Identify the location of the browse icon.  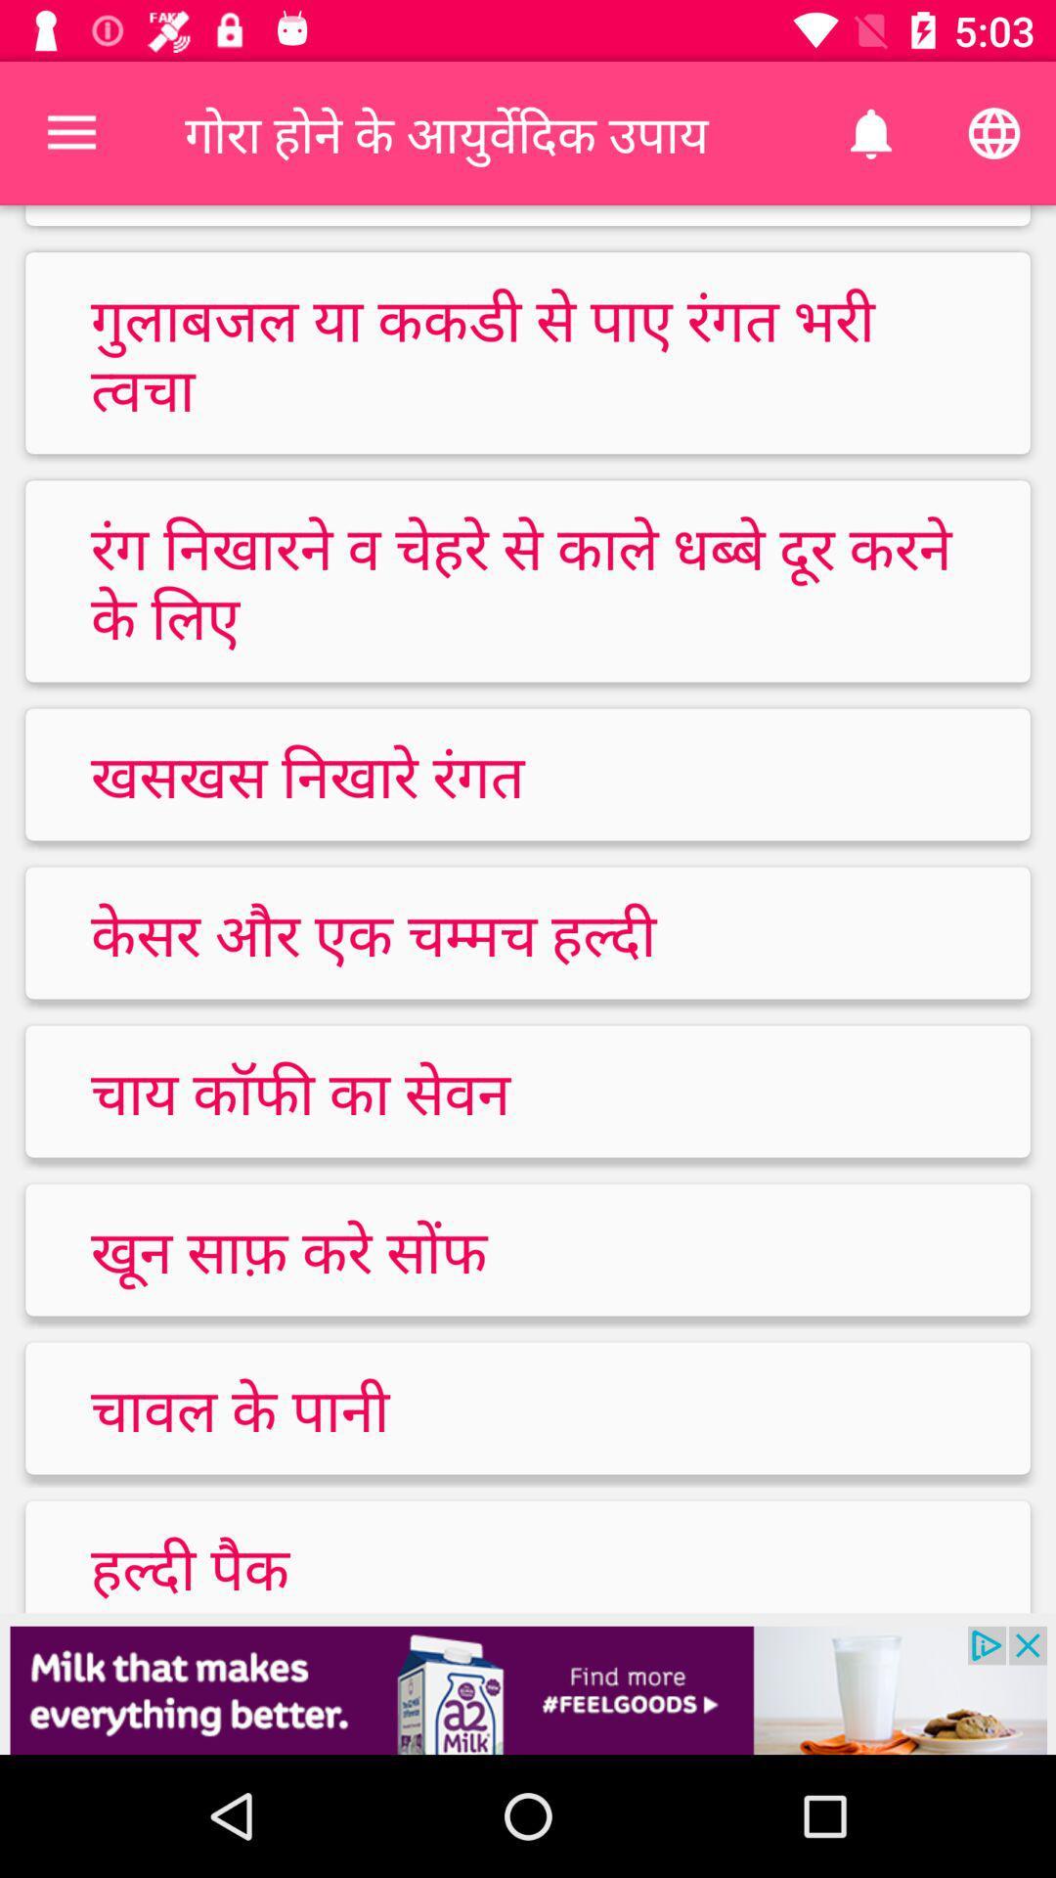
(994, 133).